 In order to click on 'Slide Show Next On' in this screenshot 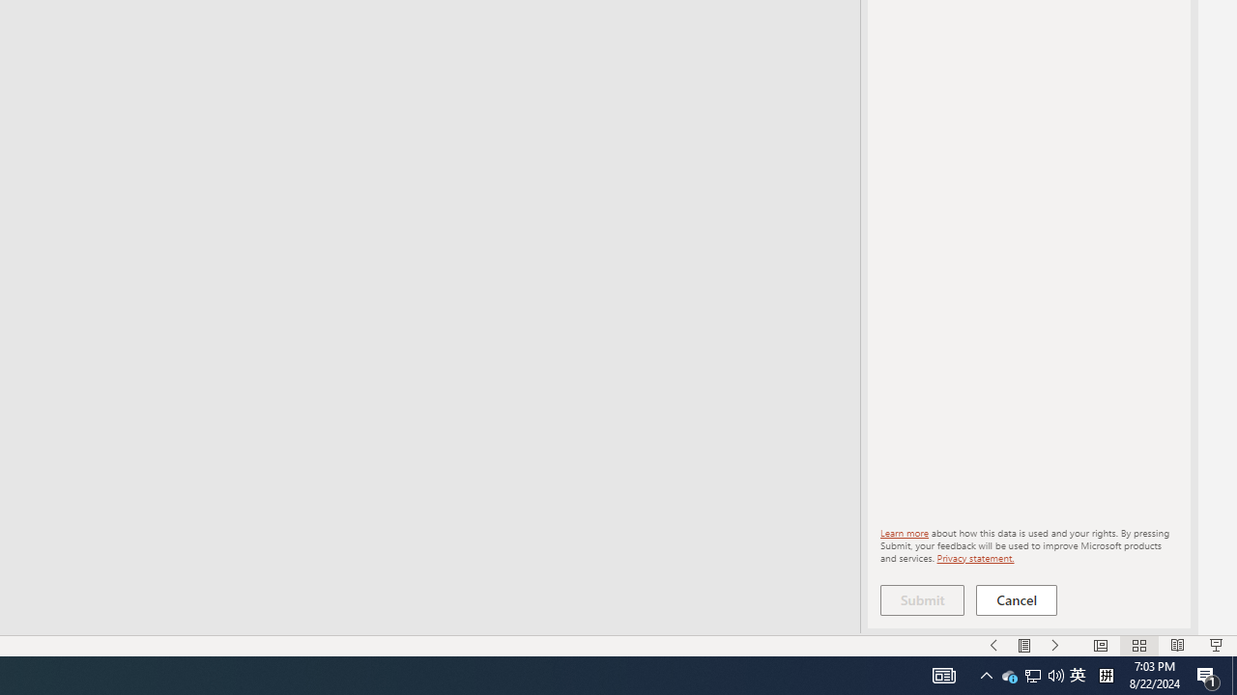, I will do `click(1054, 646)`.